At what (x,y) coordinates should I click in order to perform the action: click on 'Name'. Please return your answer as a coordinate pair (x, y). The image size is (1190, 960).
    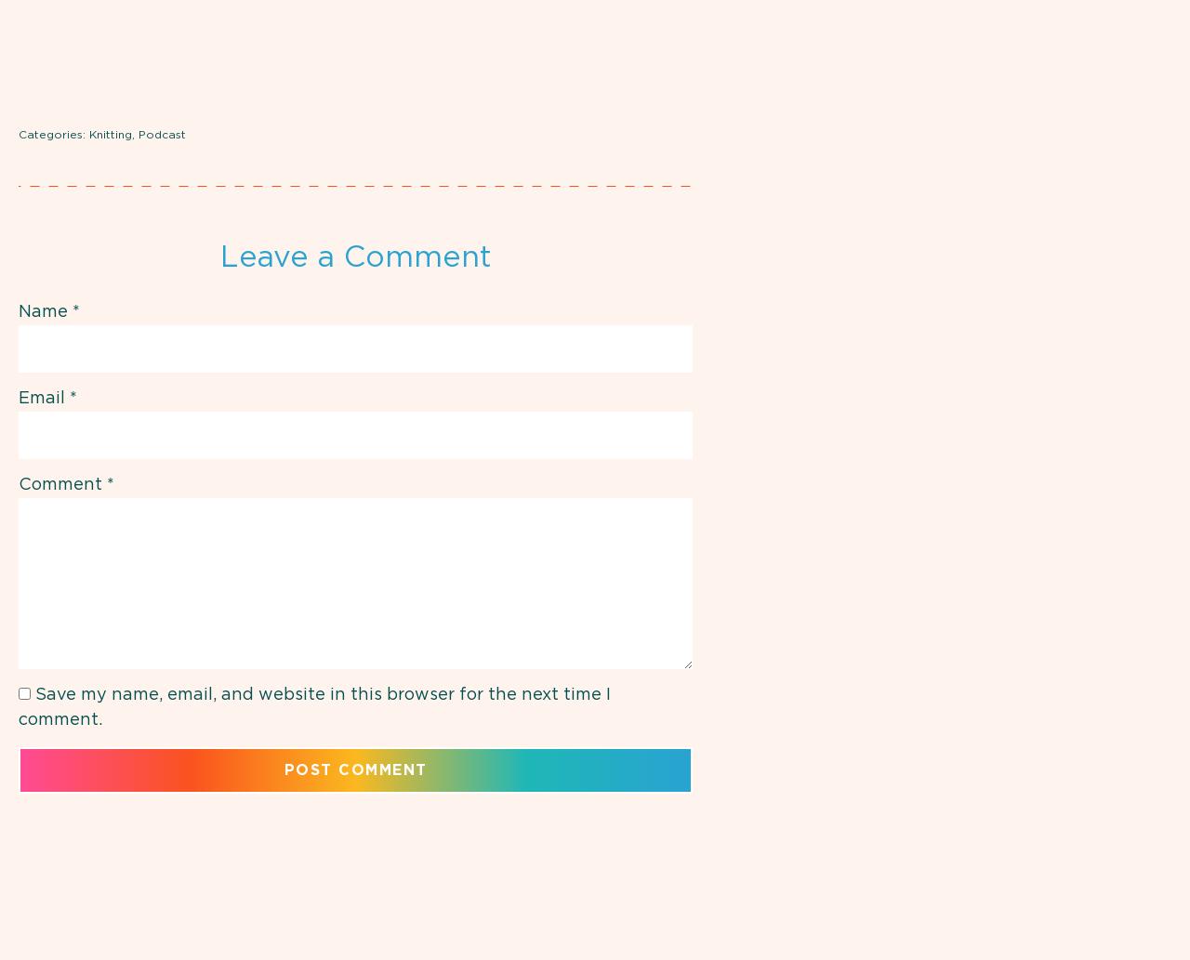
    Looking at the image, I should click on (46, 311).